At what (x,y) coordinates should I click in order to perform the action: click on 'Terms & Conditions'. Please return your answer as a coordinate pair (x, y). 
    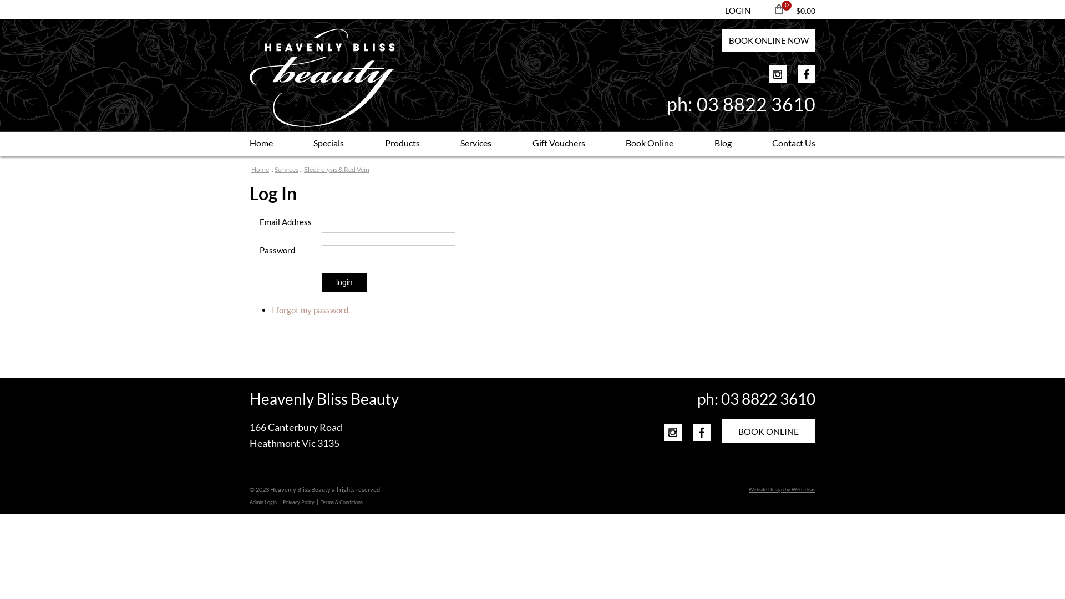
    Looking at the image, I should click on (341, 502).